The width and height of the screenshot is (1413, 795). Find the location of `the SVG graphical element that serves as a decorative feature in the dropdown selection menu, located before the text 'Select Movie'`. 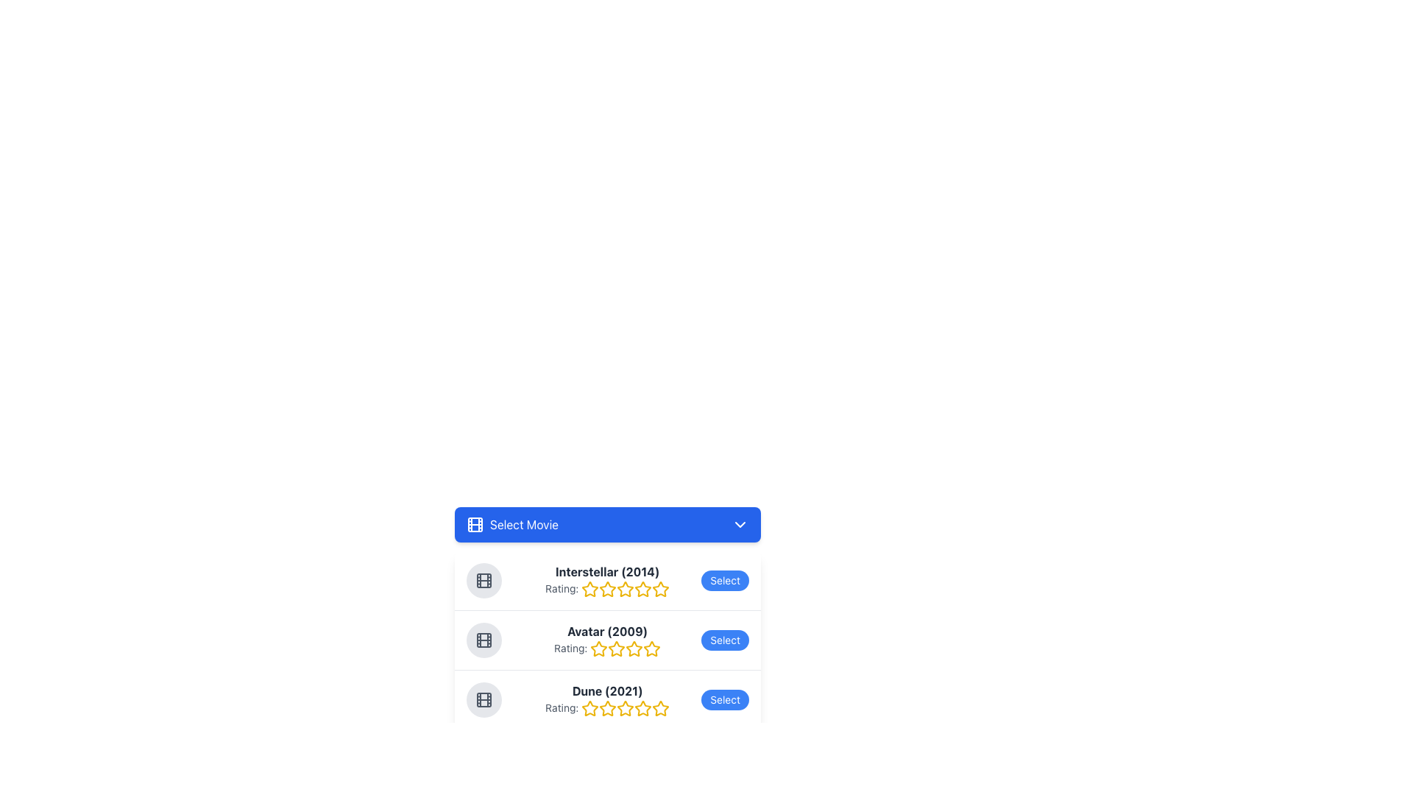

the SVG graphical element that serves as a decorative feature in the dropdown selection menu, located before the text 'Select Movie' is located at coordinates (475, 524).